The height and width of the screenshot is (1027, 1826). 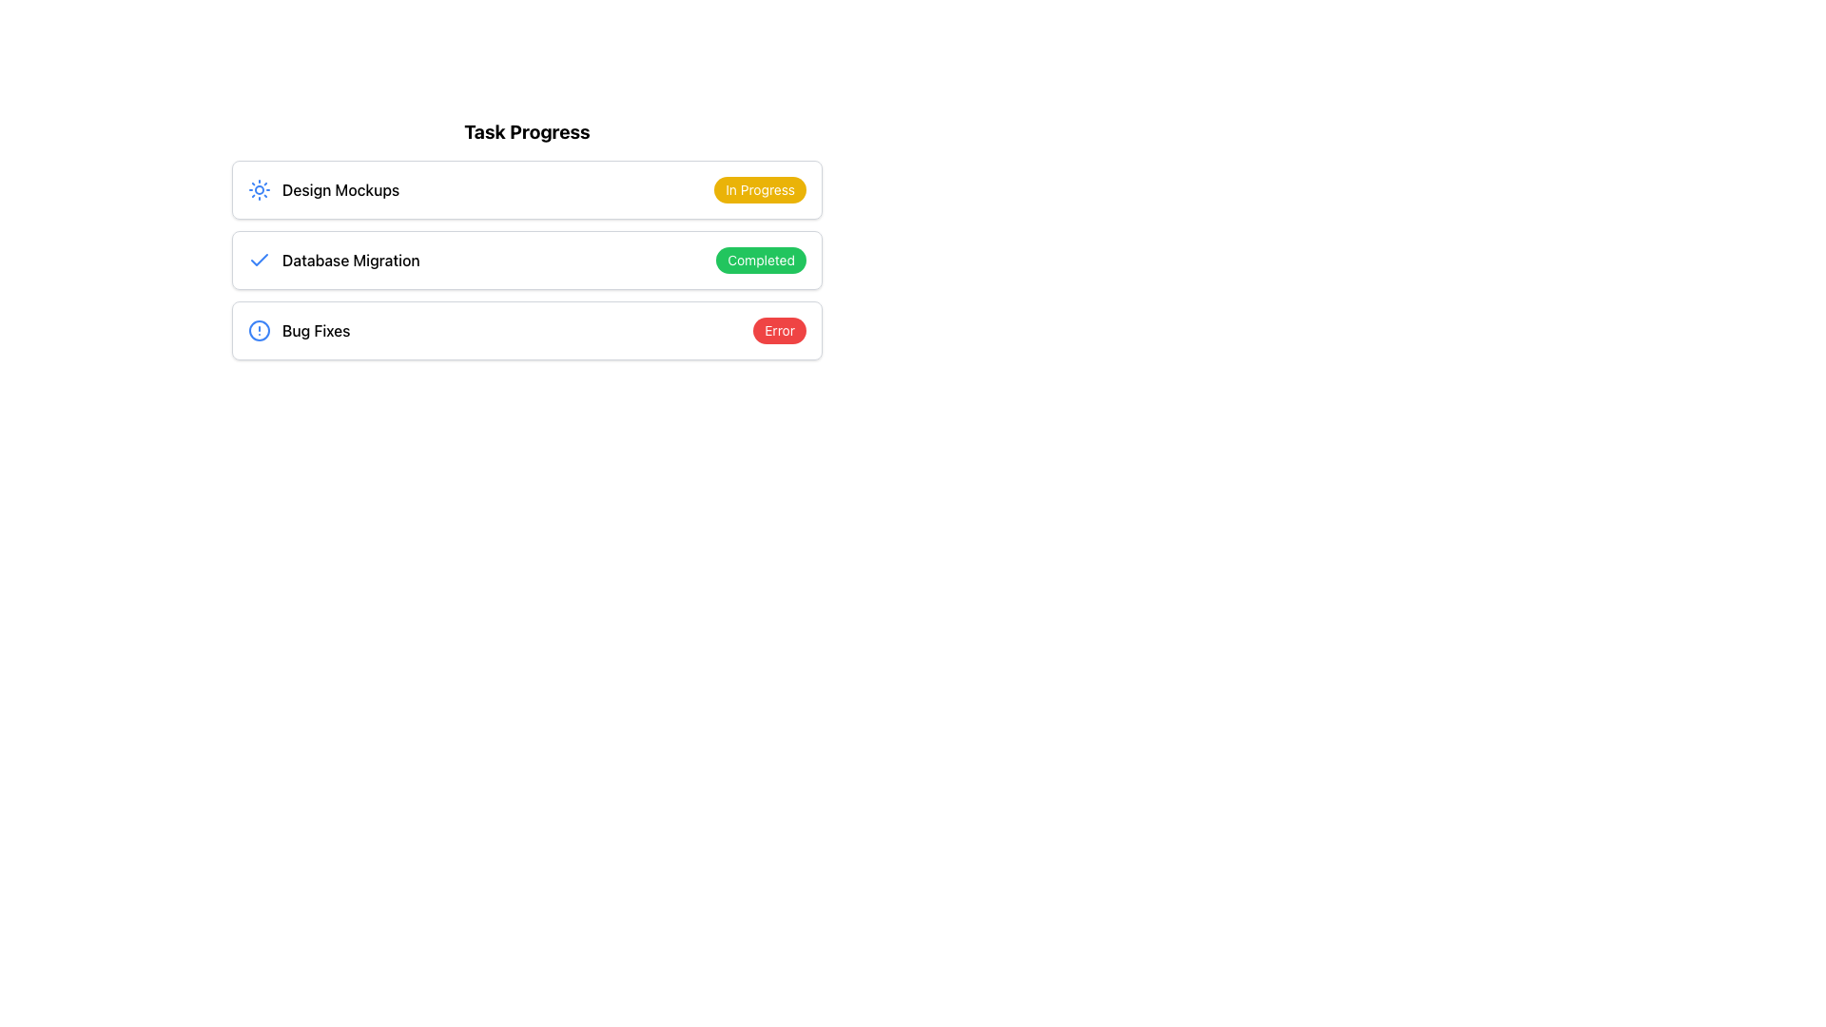 What do you see at coordinates (259, 329) in the screenshot?
I see `the circular blue outlined icon with a vertical line and dot in the center, located to the left of the 'Bug Fixes' text label in the 'Task Progress' interface` at bounding box center [259, 329].